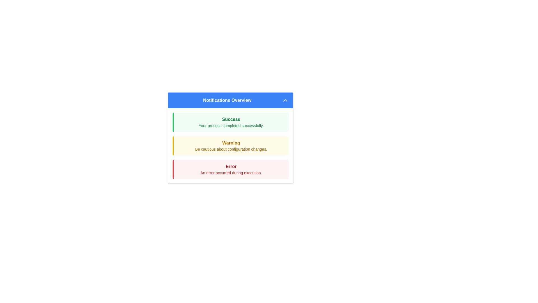  What do you see at coordinates (230, 169) in the screenshot?
I see `the notification box displaying 'Error' with a light red background and a red left border, located below the 'Warning' notification box` at bounding box center [230, 169].